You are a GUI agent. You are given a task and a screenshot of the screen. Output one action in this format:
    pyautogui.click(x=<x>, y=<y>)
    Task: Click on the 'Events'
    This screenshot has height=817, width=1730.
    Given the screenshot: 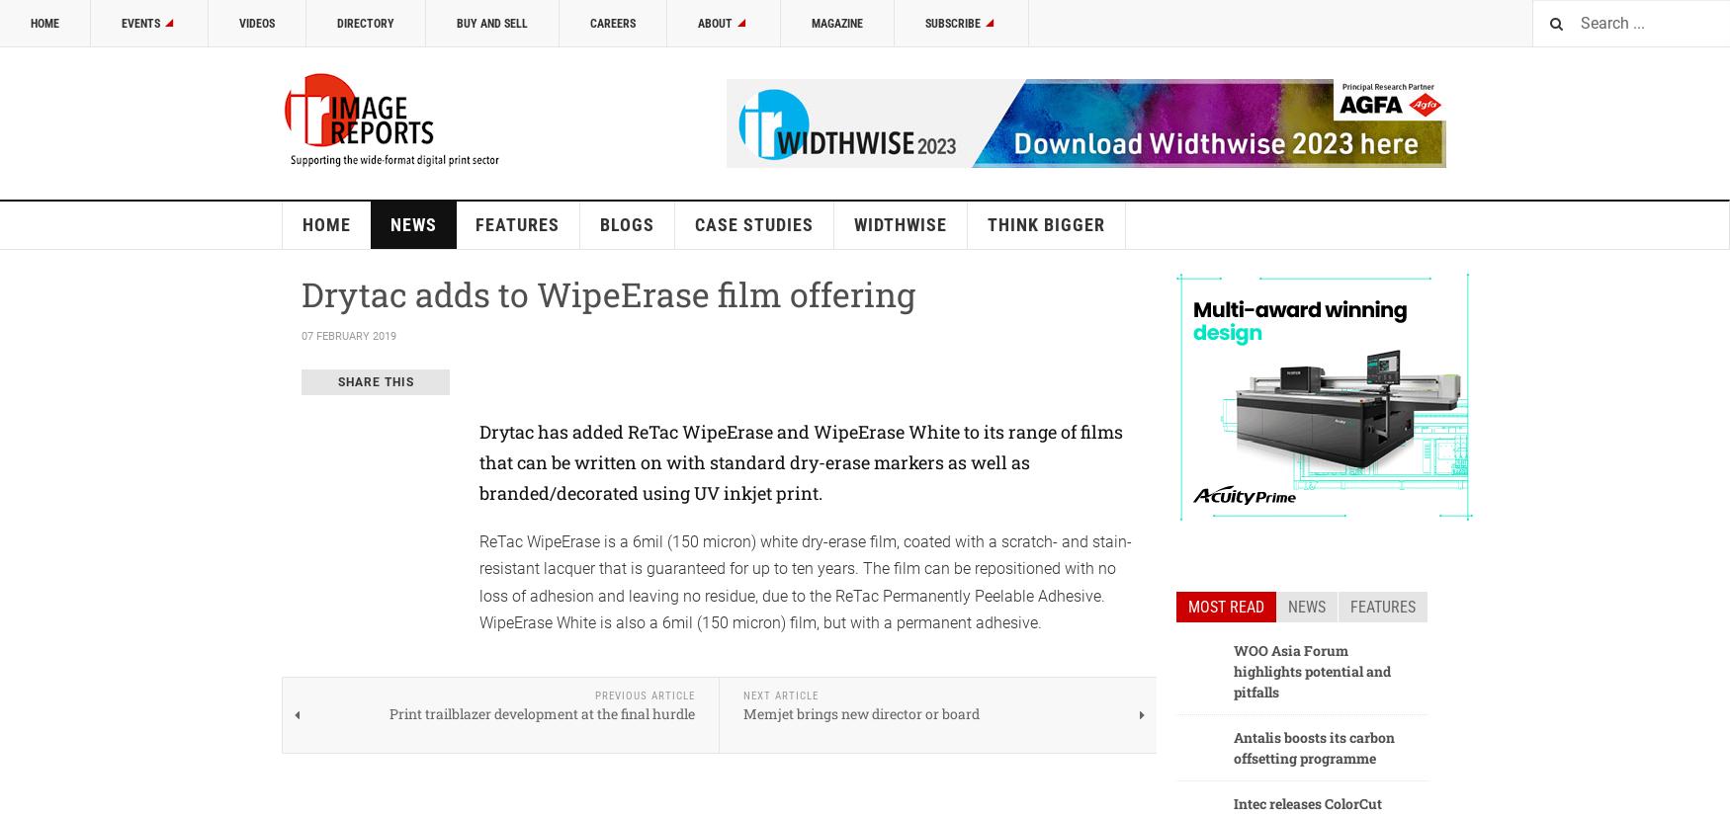 What is the action you would take?
    pyautogui.click(x=139, y=23)
    